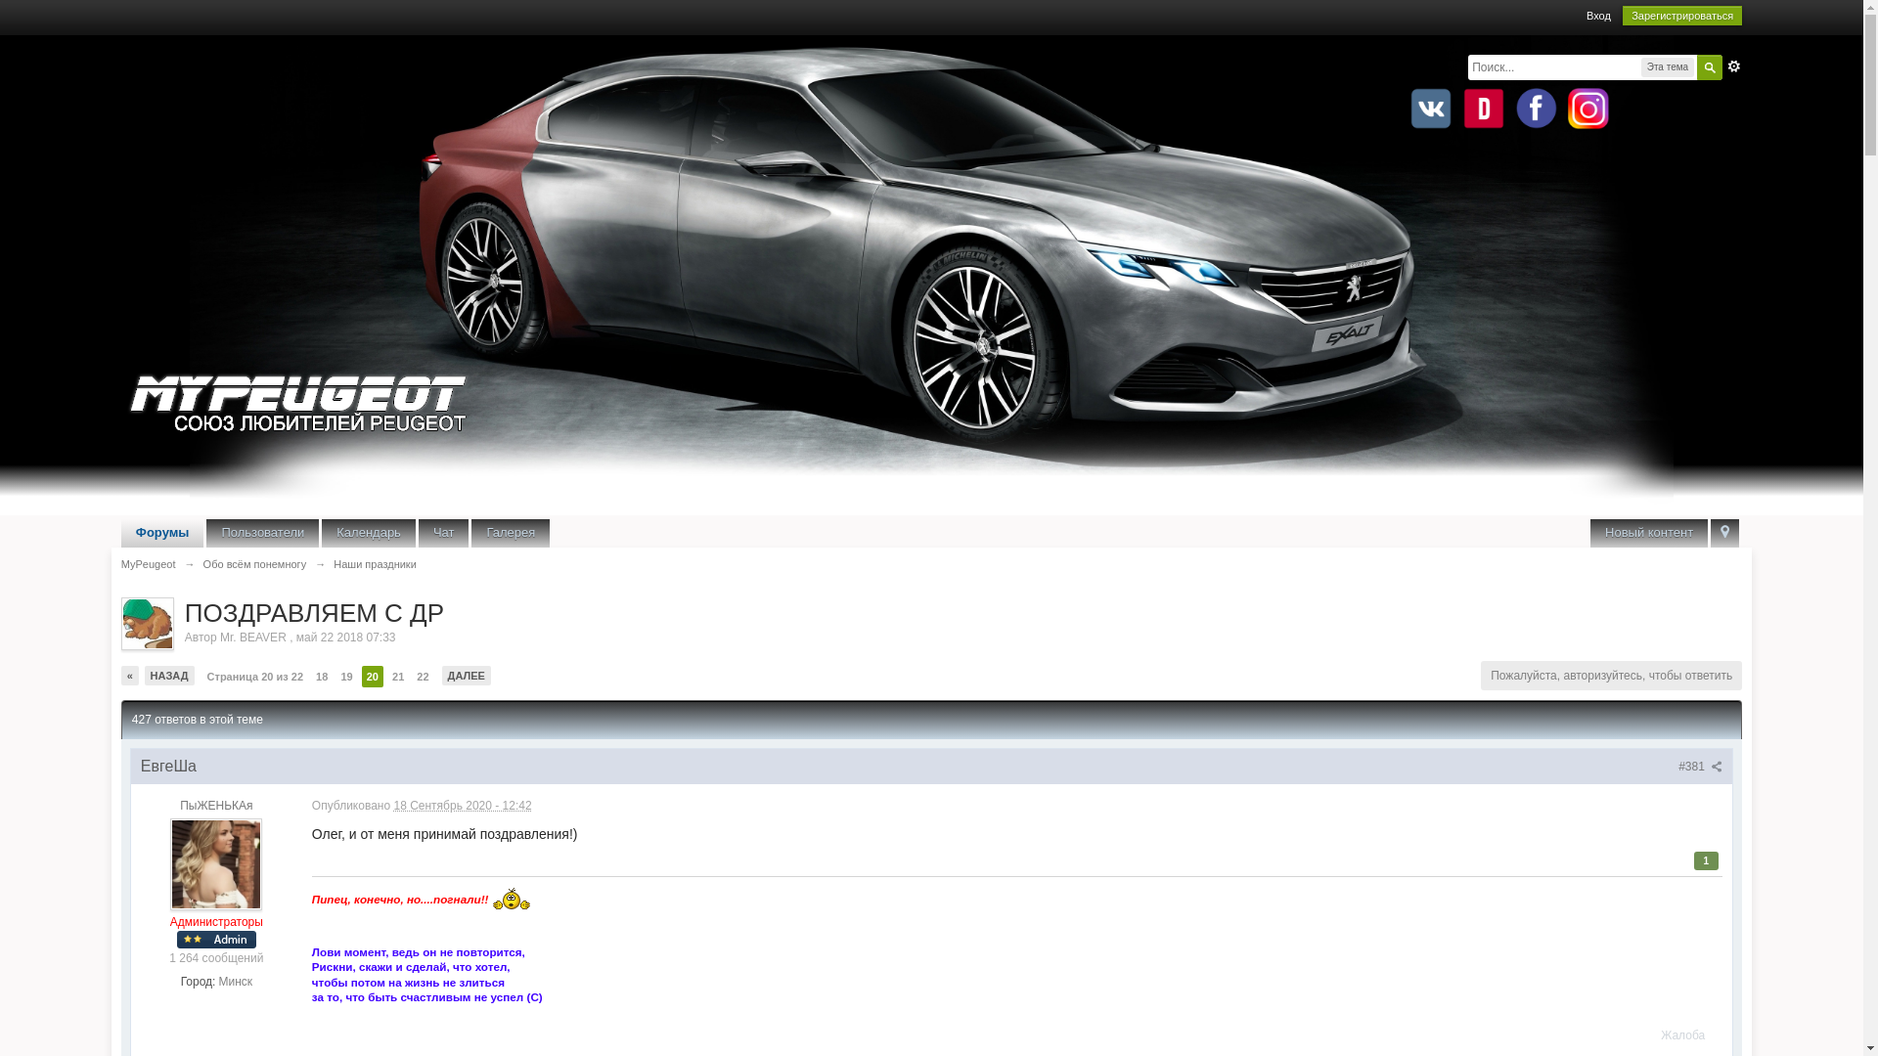 Image resolution: width=1878 pixels, height=1056 pixels. What do you see at coordinates (148, 564) in the screenshot?
I see `'MyPeugeot'` at bounding box center [148, 564].